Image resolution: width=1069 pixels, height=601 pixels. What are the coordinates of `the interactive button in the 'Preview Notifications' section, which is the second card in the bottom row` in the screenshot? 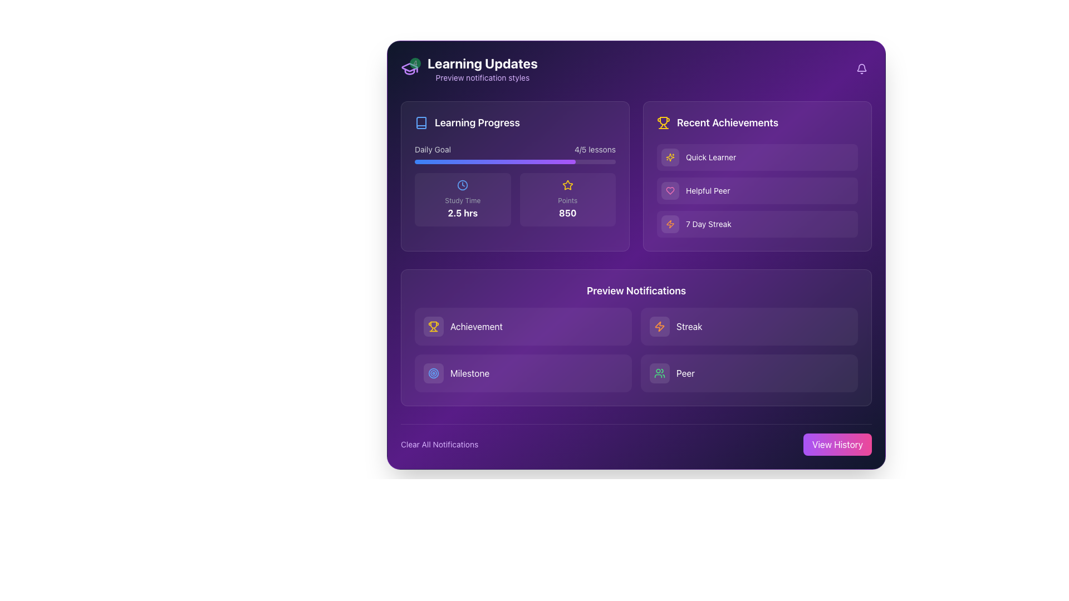 It's located at (749, 373).